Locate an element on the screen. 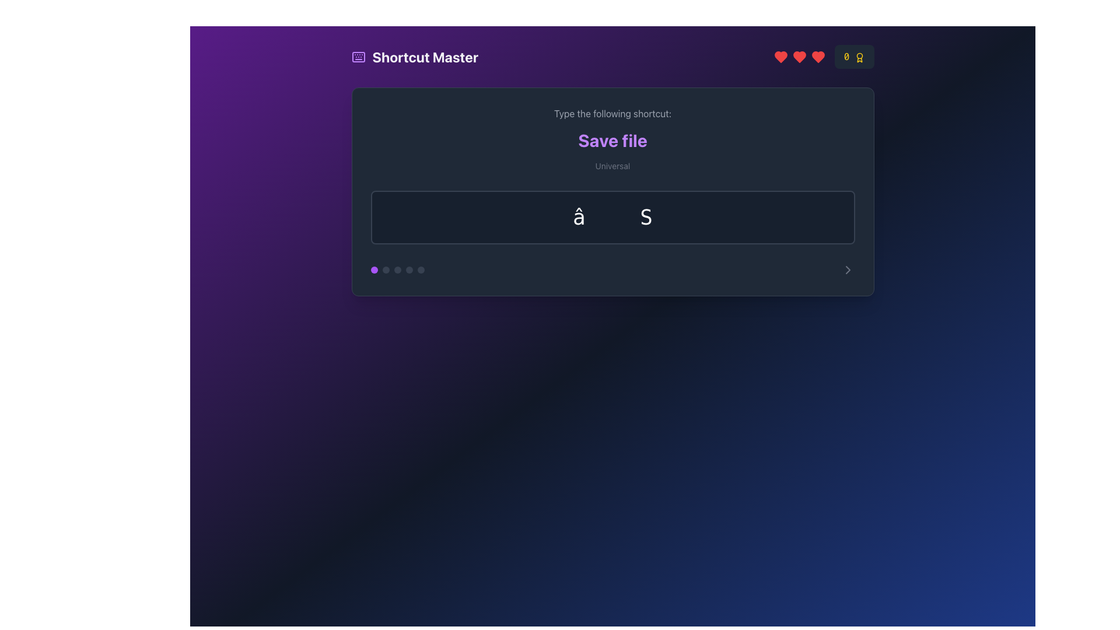 The width and height of the screenshot is (1120, 630). the keyboard-style icon indicating keyboard shortcuts, which is positioned to the left of the 'Shortcut Master' text label is located at coordinates (358, 57).